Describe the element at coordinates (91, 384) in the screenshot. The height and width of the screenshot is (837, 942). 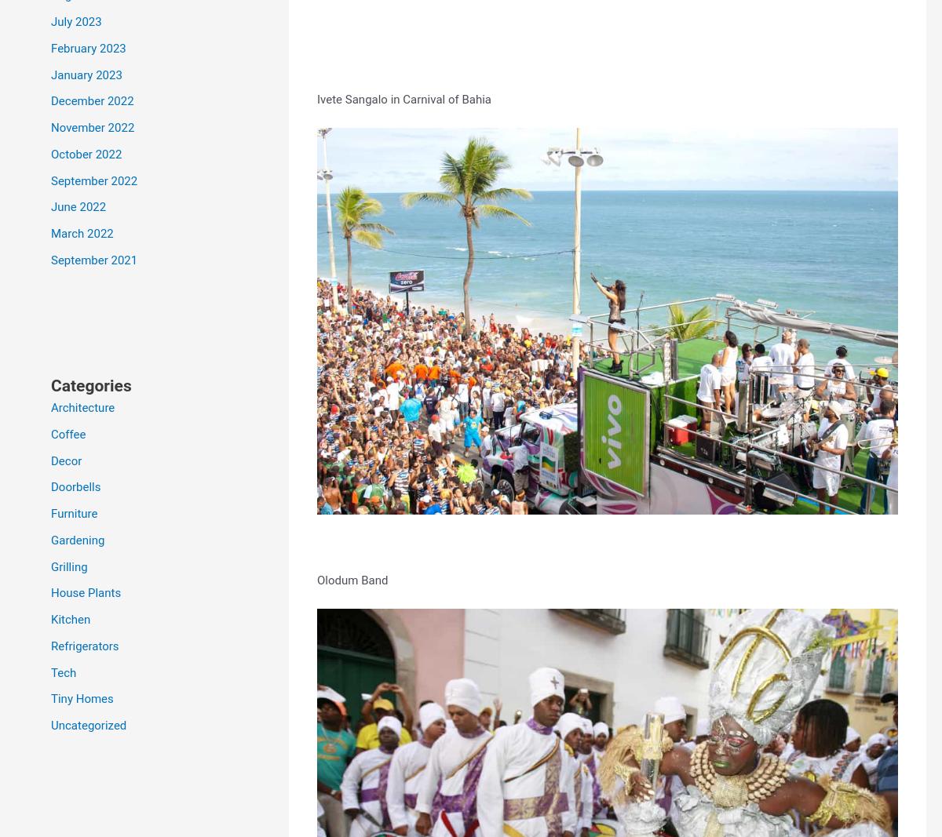
I see `'Categories'` at that location.